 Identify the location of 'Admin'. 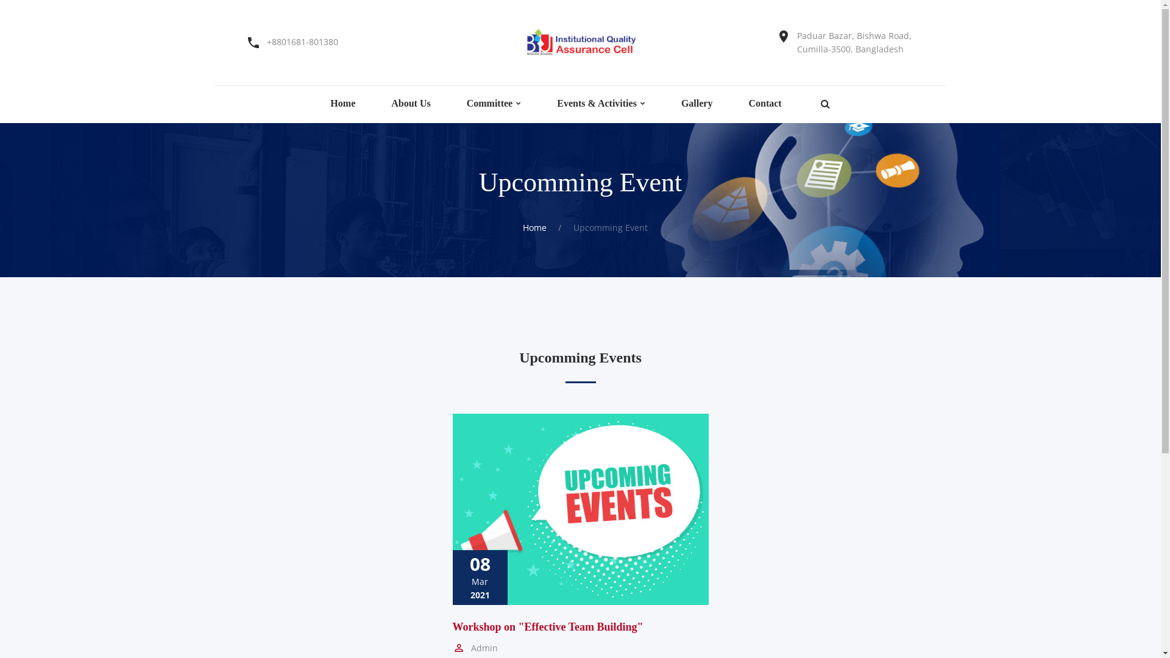
(473, 646).